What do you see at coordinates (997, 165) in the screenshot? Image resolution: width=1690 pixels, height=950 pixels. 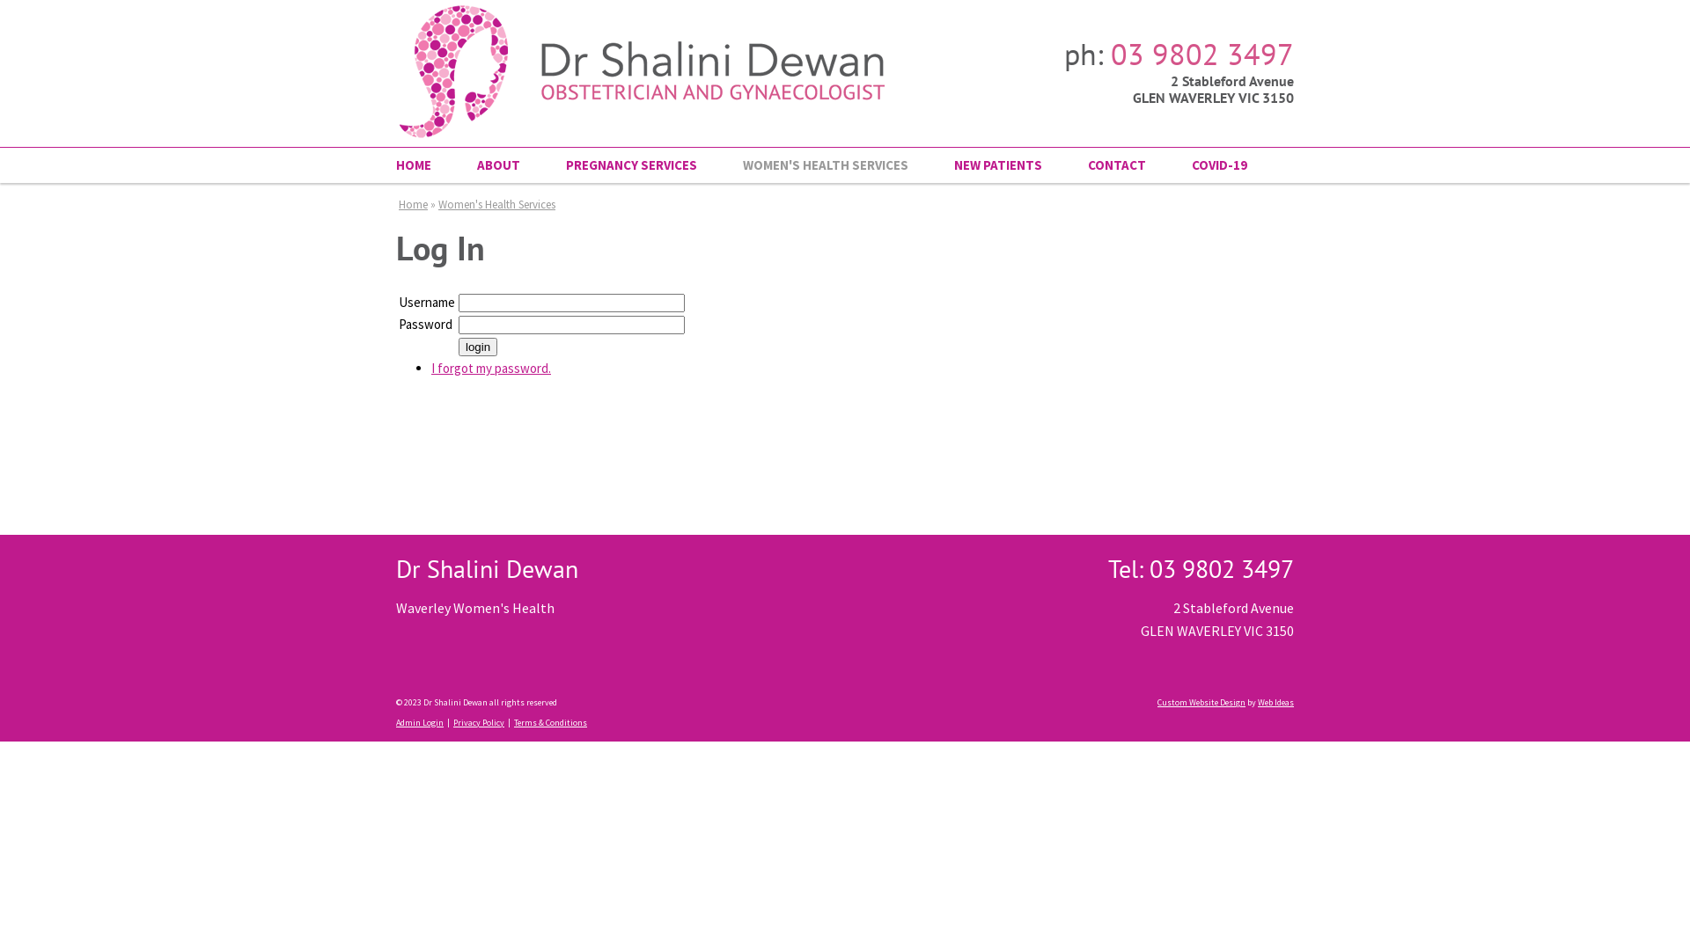 I see `'NEW PATIENTS'` at bounding box center [997, 165].